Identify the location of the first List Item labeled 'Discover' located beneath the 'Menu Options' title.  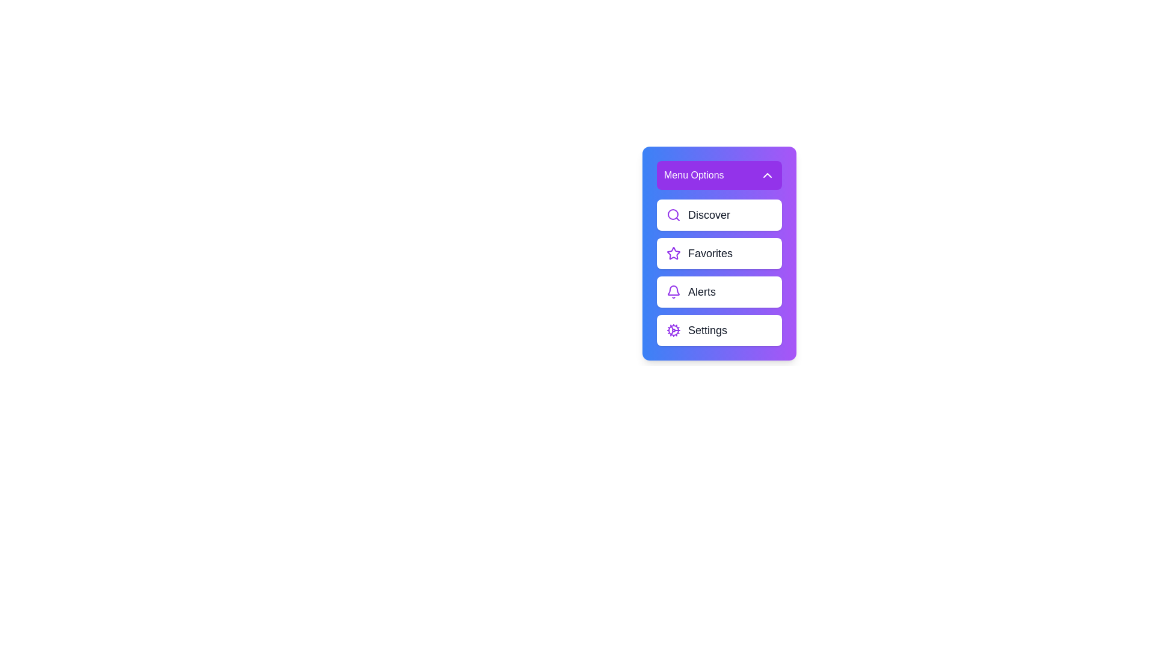
(719, 215).